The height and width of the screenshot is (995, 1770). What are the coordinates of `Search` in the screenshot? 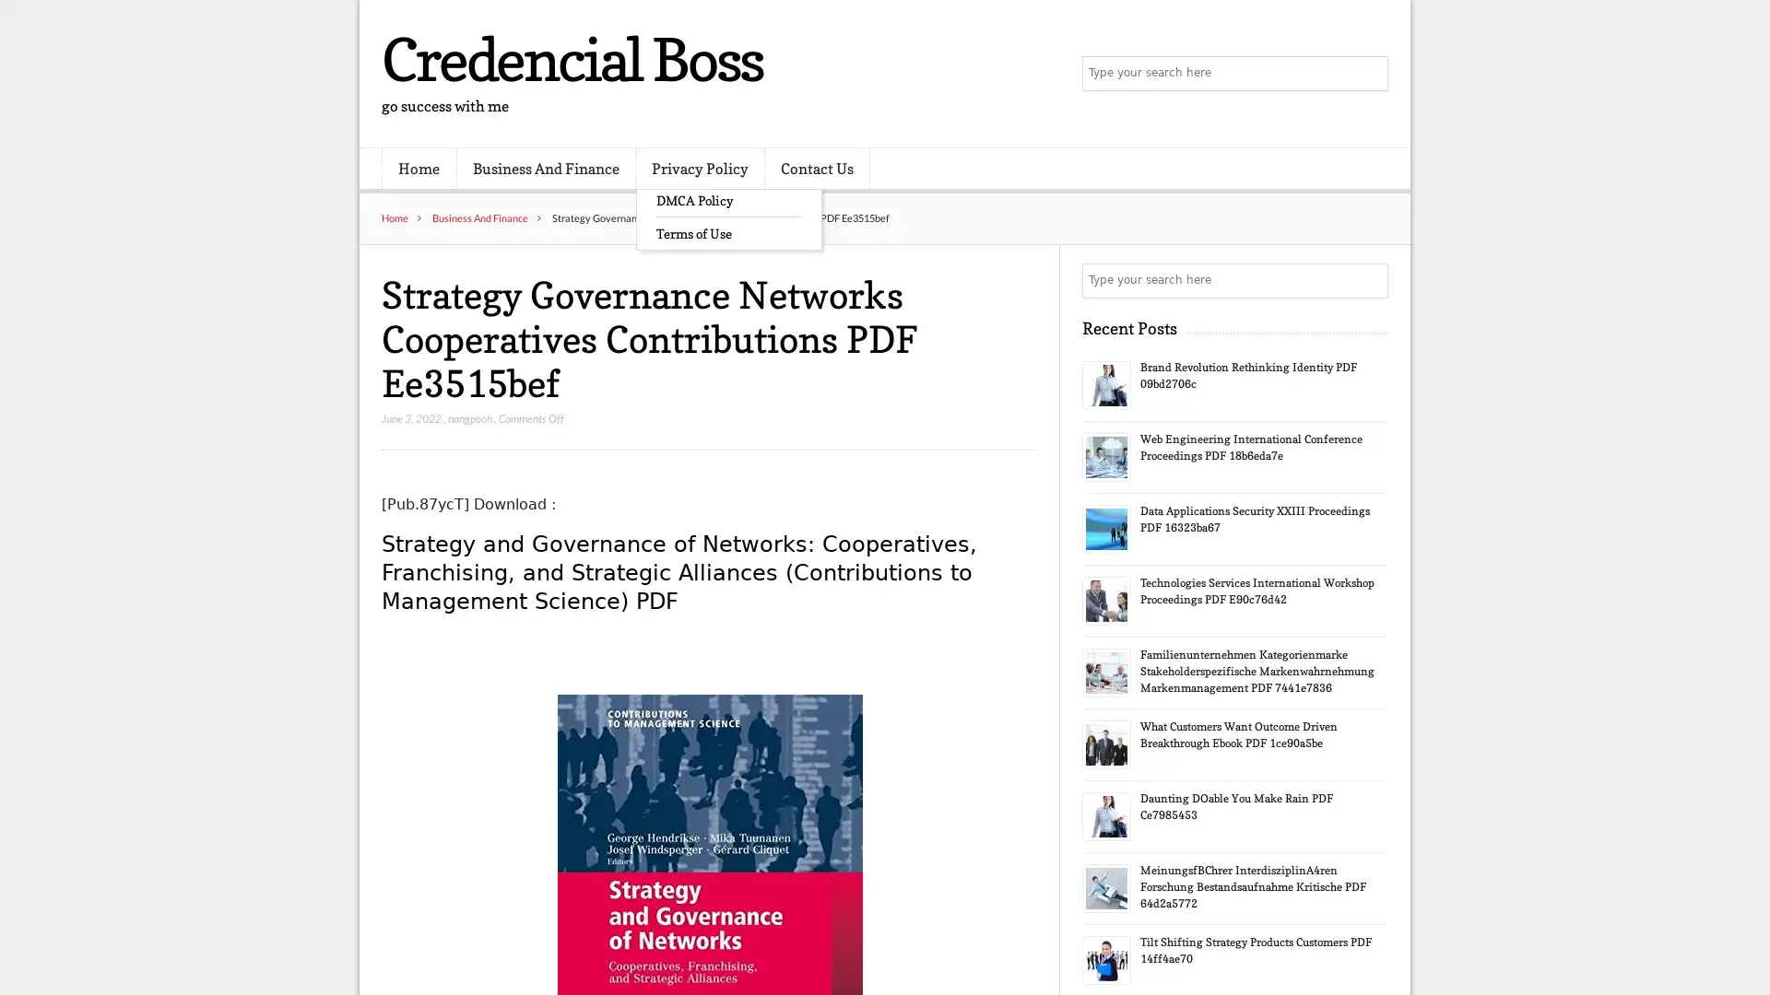 It's located at (1369, 74).